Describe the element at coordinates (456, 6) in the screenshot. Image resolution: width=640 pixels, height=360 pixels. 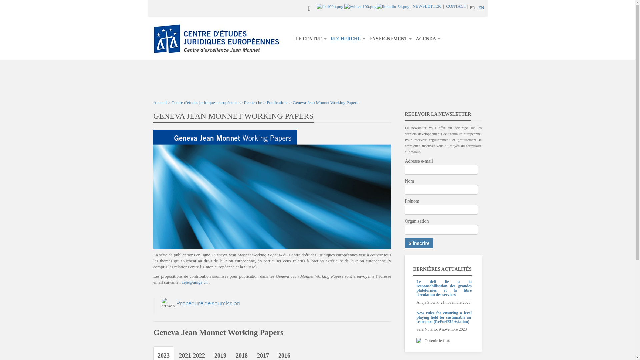
I see `'CONTACT'` at that location.